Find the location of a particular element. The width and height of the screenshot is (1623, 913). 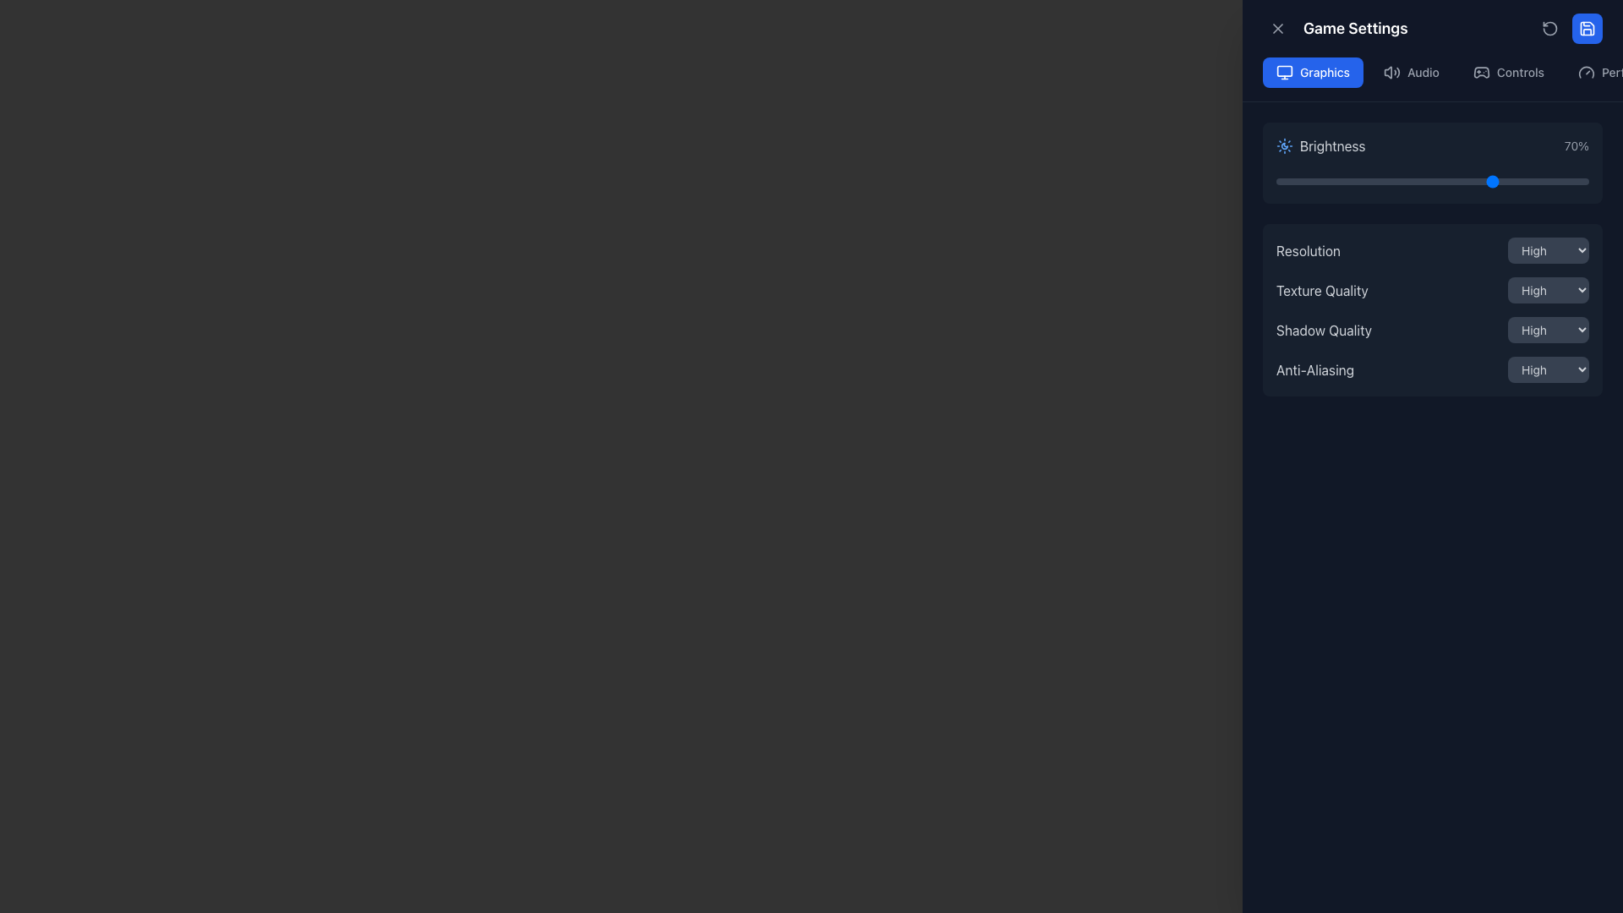

the brightness level is located at coordinates (1505, 182).